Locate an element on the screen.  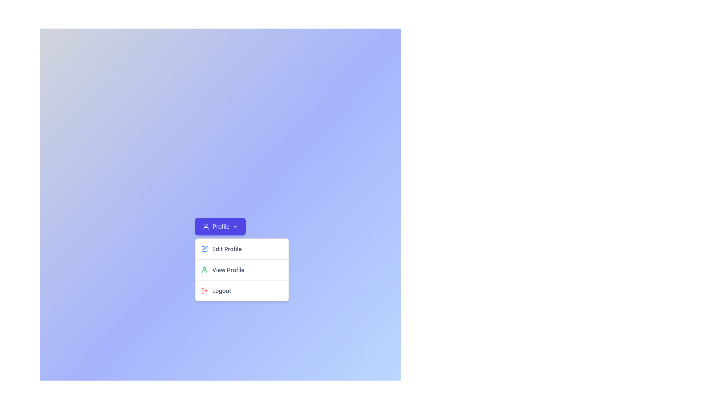
the logout text label in the dropdown menu, which is positioned below the 'View Profile' item and next to a red log-out icon is located at coordinates (221, 290).